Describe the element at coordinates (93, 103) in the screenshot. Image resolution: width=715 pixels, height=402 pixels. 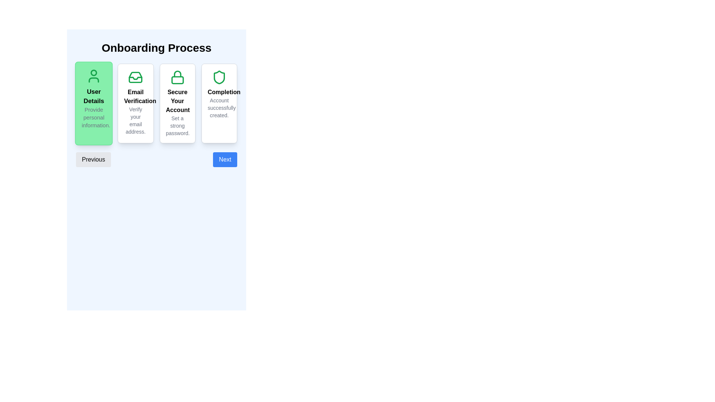
I see `information displayed on the 'User Details' informative card, which is the first card in the onboarding process grid layout` at that location.